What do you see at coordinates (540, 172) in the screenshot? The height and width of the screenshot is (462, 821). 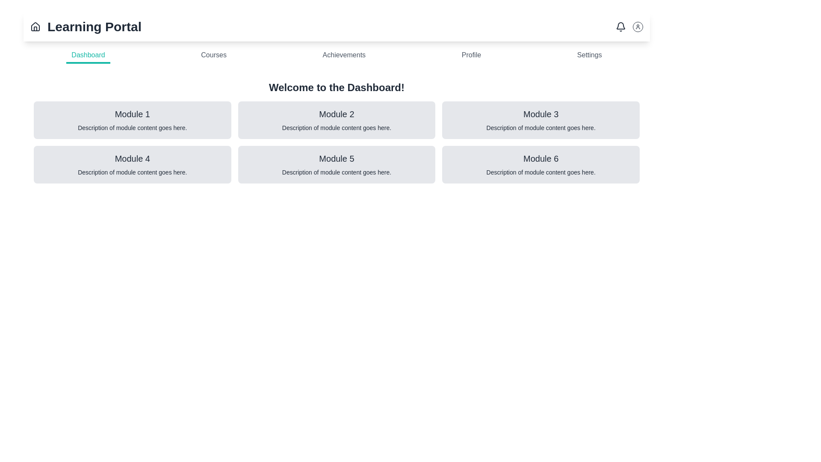 I see `the informational text element located directly below the title 'Module 6' in the last column of the last row on the dashboard interface` at bounding box center [540, 172].